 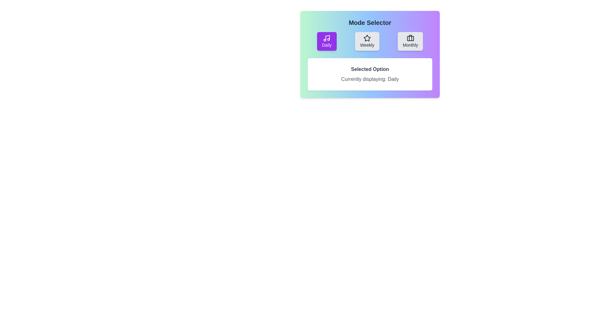 I want to click on the 'Monthly' button located at the top-right position among three buttons, following the 'Daily' and 'Weekly' buttons, so click(x=410, y=41).